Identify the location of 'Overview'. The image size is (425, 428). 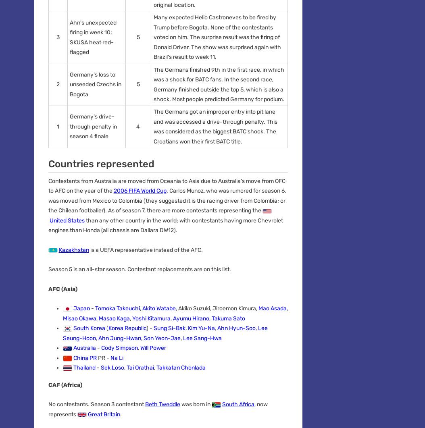
(46, 212).